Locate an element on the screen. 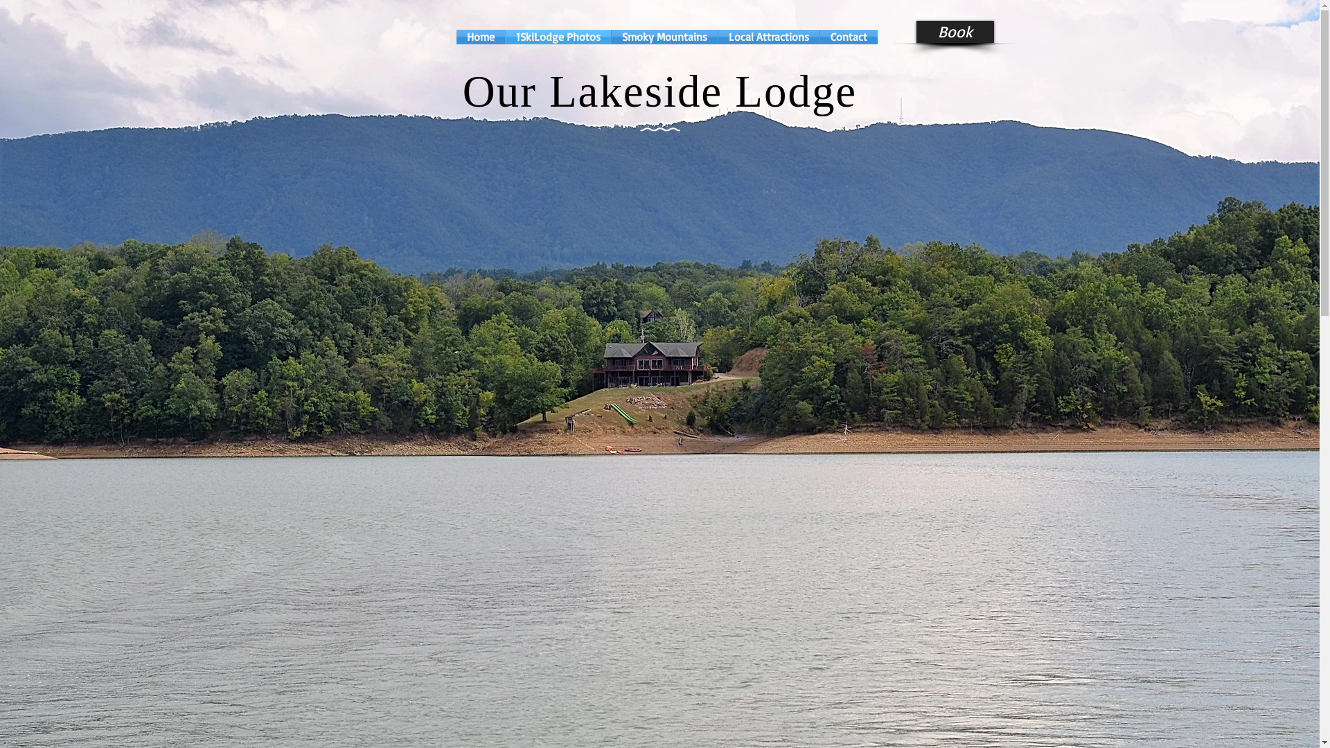  'Book' is located at coordinates (915, 31).